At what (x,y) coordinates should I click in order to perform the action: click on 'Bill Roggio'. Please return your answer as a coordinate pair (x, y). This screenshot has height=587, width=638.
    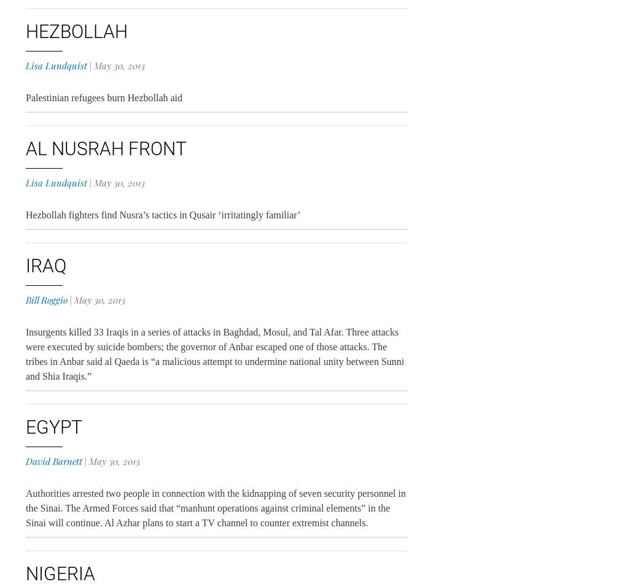
    Looking at the image, I should click on (45, 300).